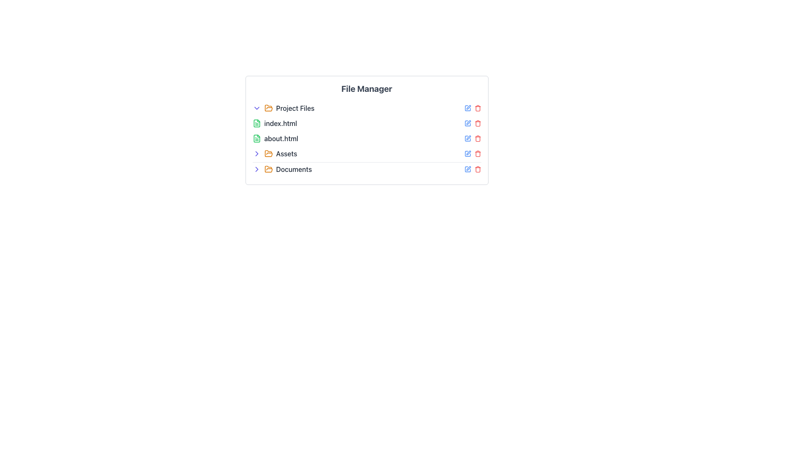  I want to click on the blue pen icon button located to the left of the red delete icon for the file entry 'about.html', so click(467, 138).